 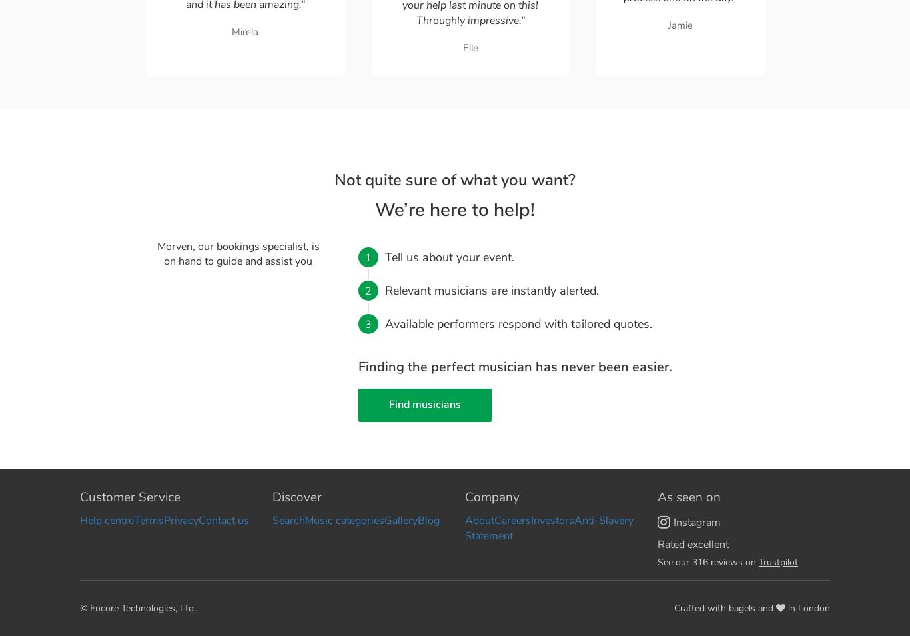 I want to click on 'Rated excellent', so click(x=692, y=543).